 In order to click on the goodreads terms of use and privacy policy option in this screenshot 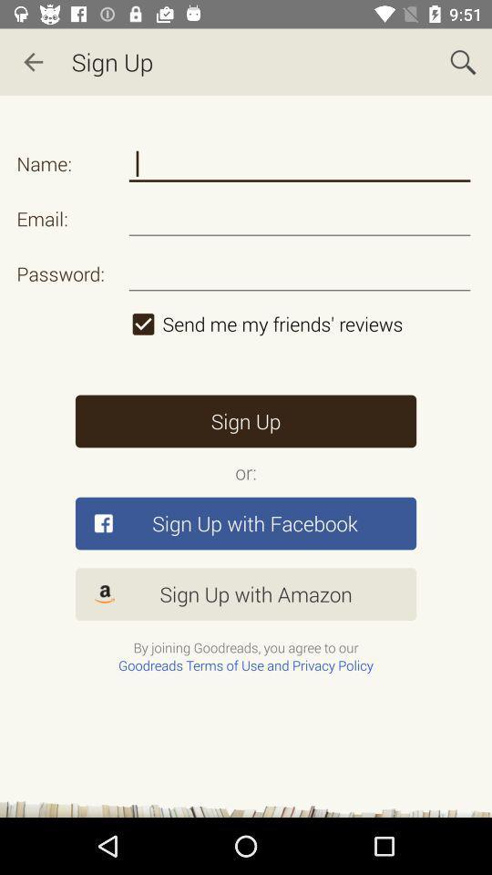, I will do `click(246, 664)`.